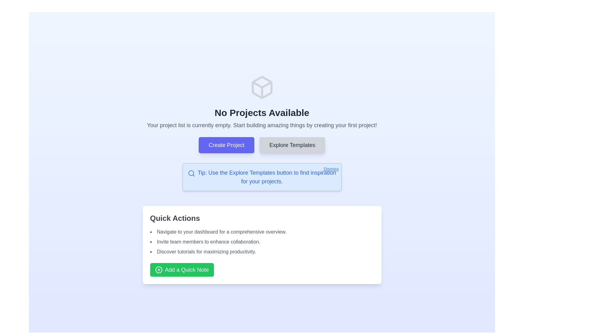 This screenshot has height=335, width=597. I want to click on the visual cue of the circular plus sign icon located at the center of the 'Add a Quick Note' button in the Quick Actions panel, so click(159, 270).